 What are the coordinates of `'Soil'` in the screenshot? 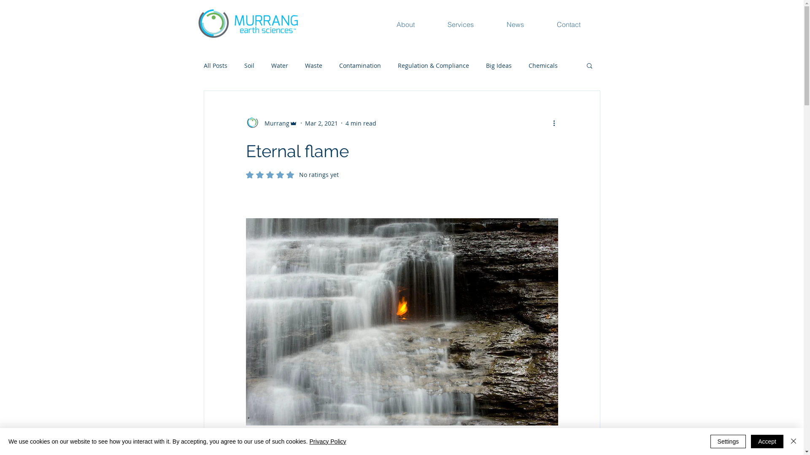 It's located at (248, 65).